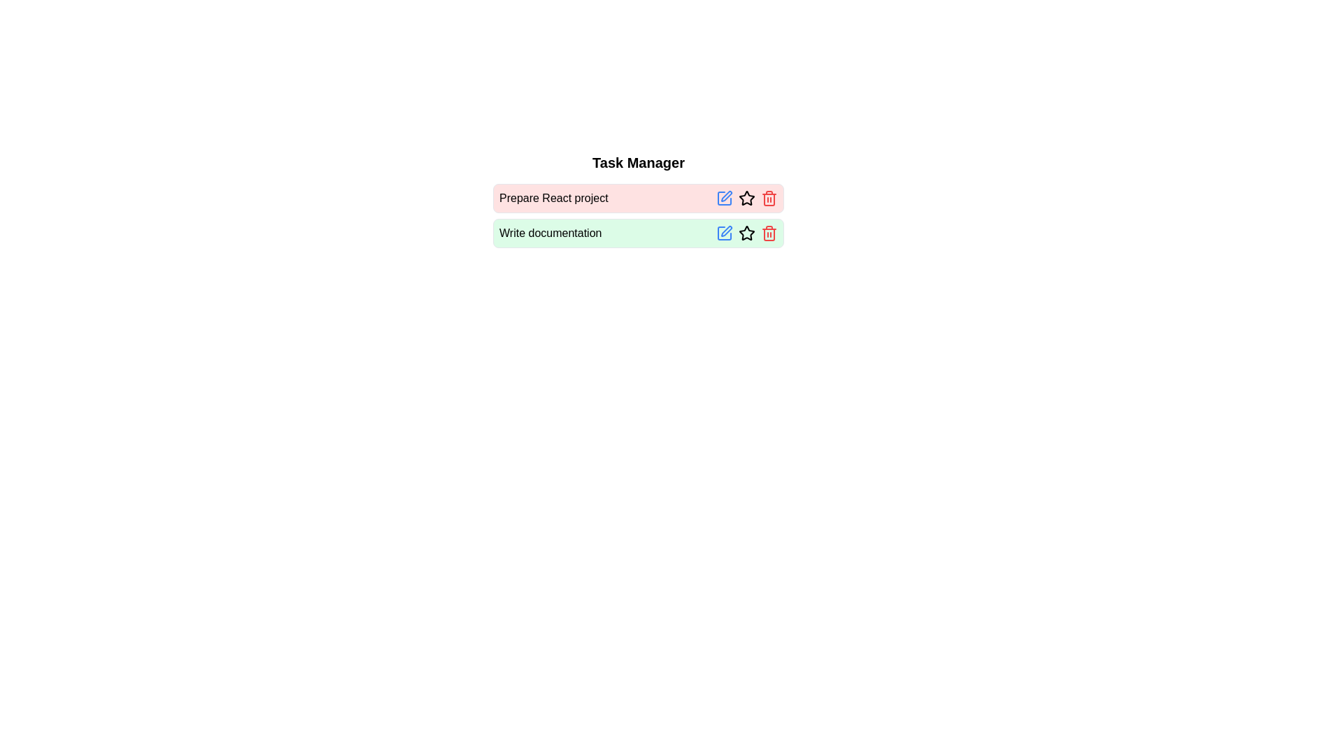 The width and height of the screenshot is (1343, 755). I want to click on the leftmost icon button in the top task row labeled 'Prepare React project', so click(725, 199).